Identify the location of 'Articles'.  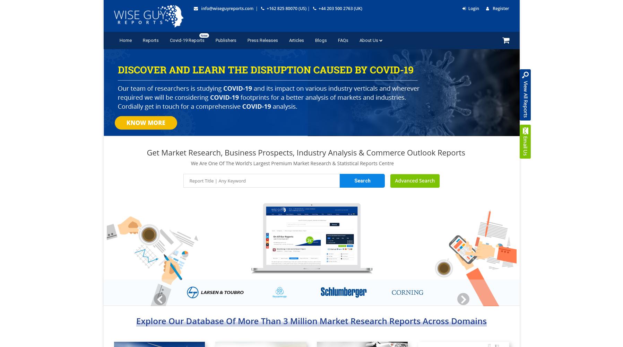
(296, 40).